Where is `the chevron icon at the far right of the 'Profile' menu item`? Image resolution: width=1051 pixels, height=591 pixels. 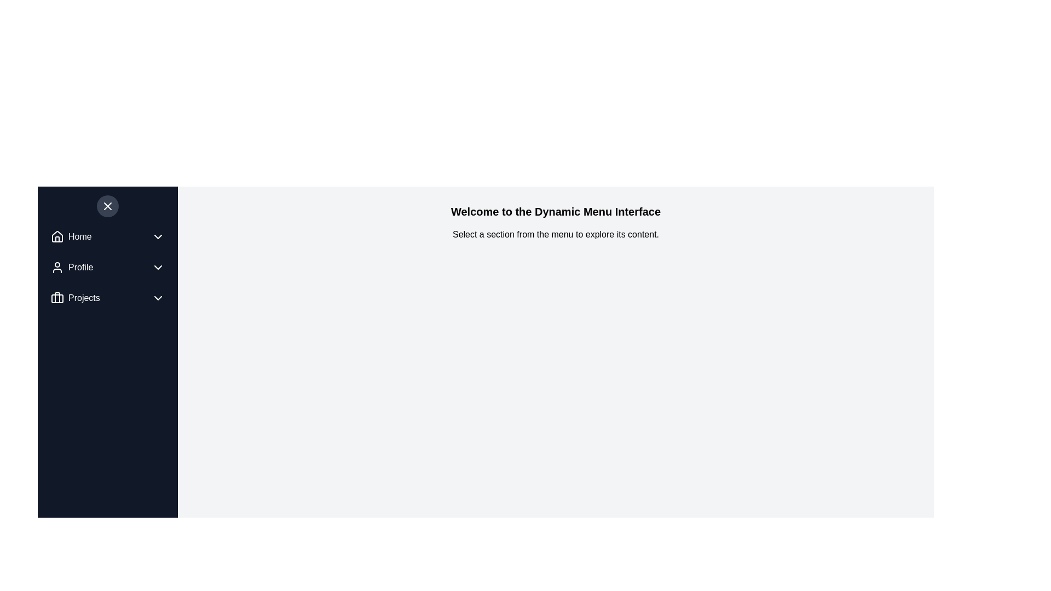
the chevron icon at the far right of the 'Profile' menu item is located at coordinates (157, 268).